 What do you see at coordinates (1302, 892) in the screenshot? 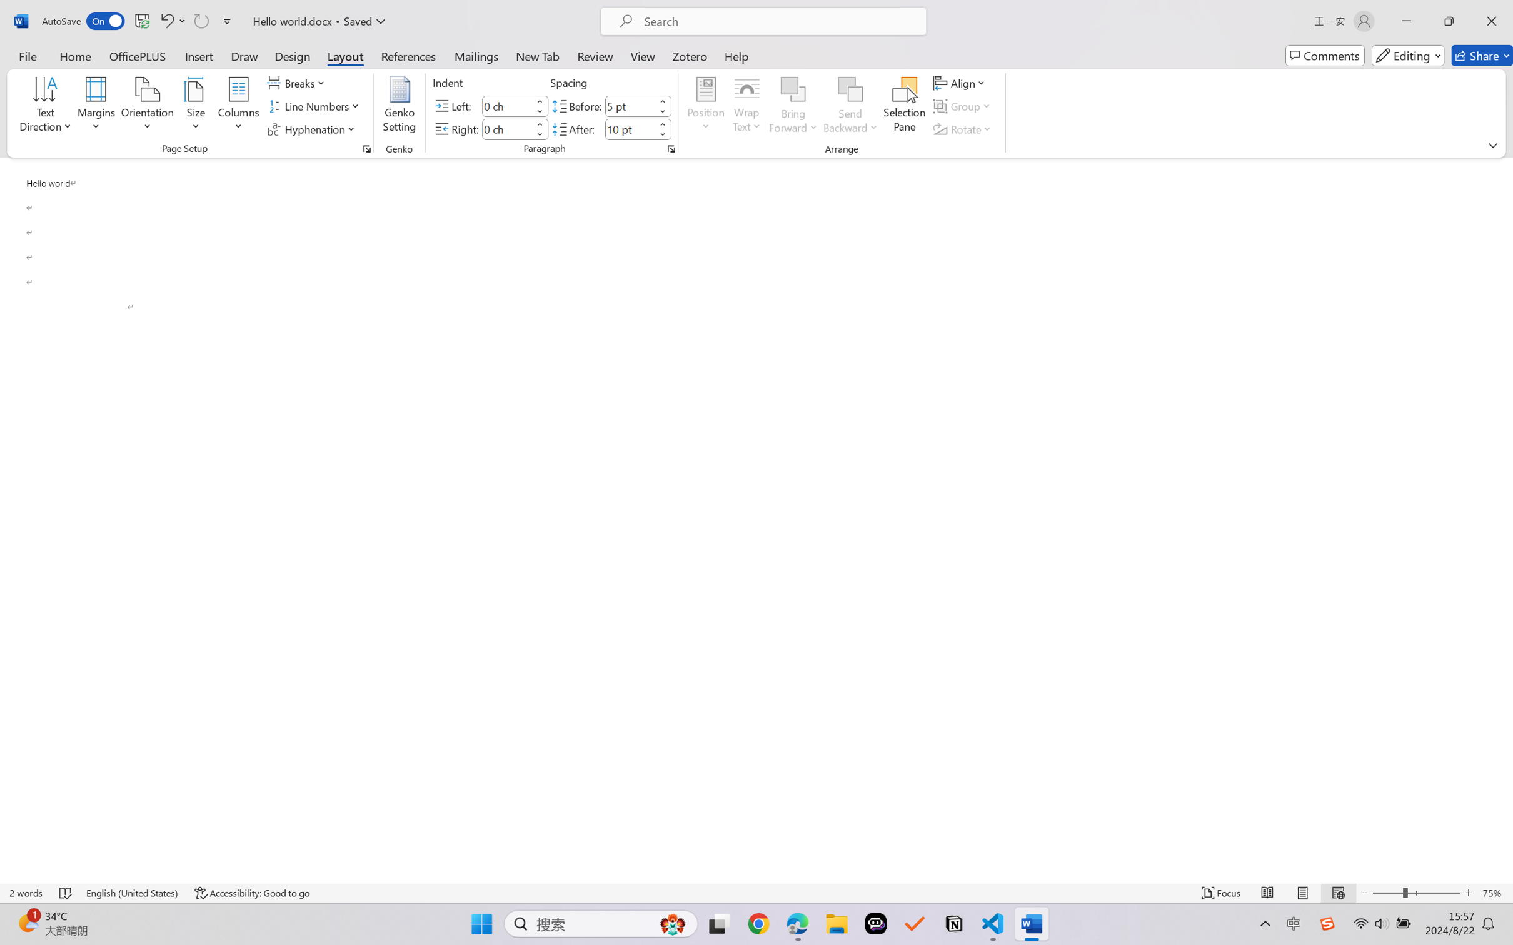
I see `'Print Layout'` at bounding box center [1302, 892].